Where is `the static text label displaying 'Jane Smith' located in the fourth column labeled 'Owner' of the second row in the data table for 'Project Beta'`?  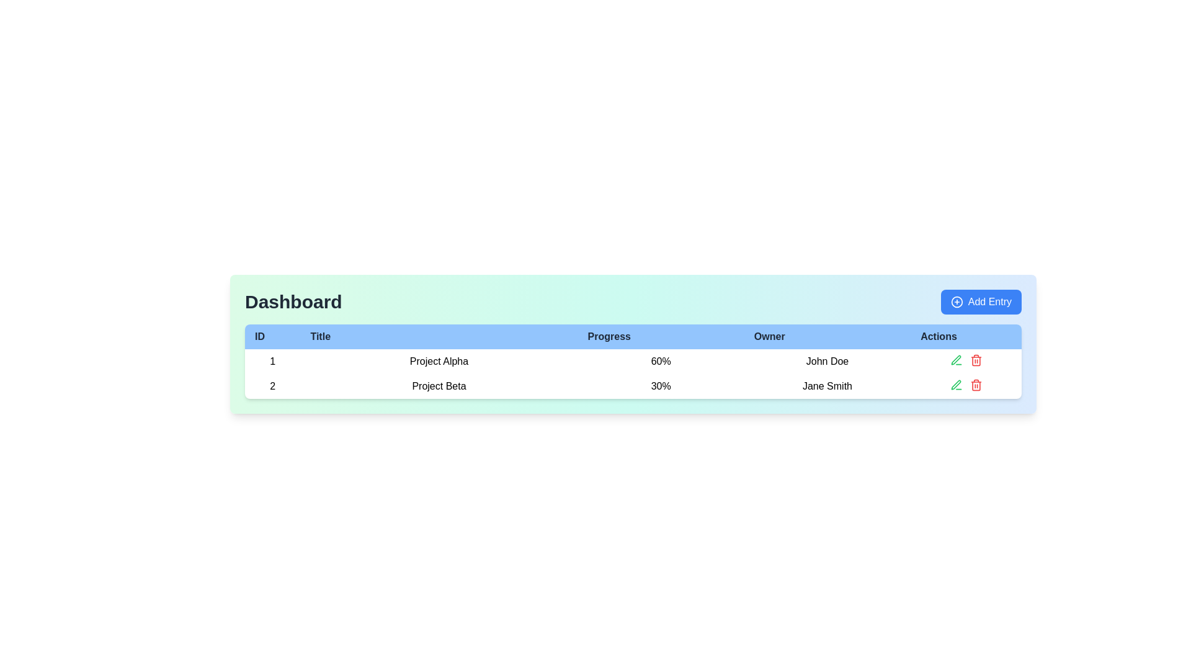 the static text label displaying 'Jane Smith' located in the fourth column labeled 'Owner' of the second row in the data table for 'Project Beta' is located at coordinates (827, 386).